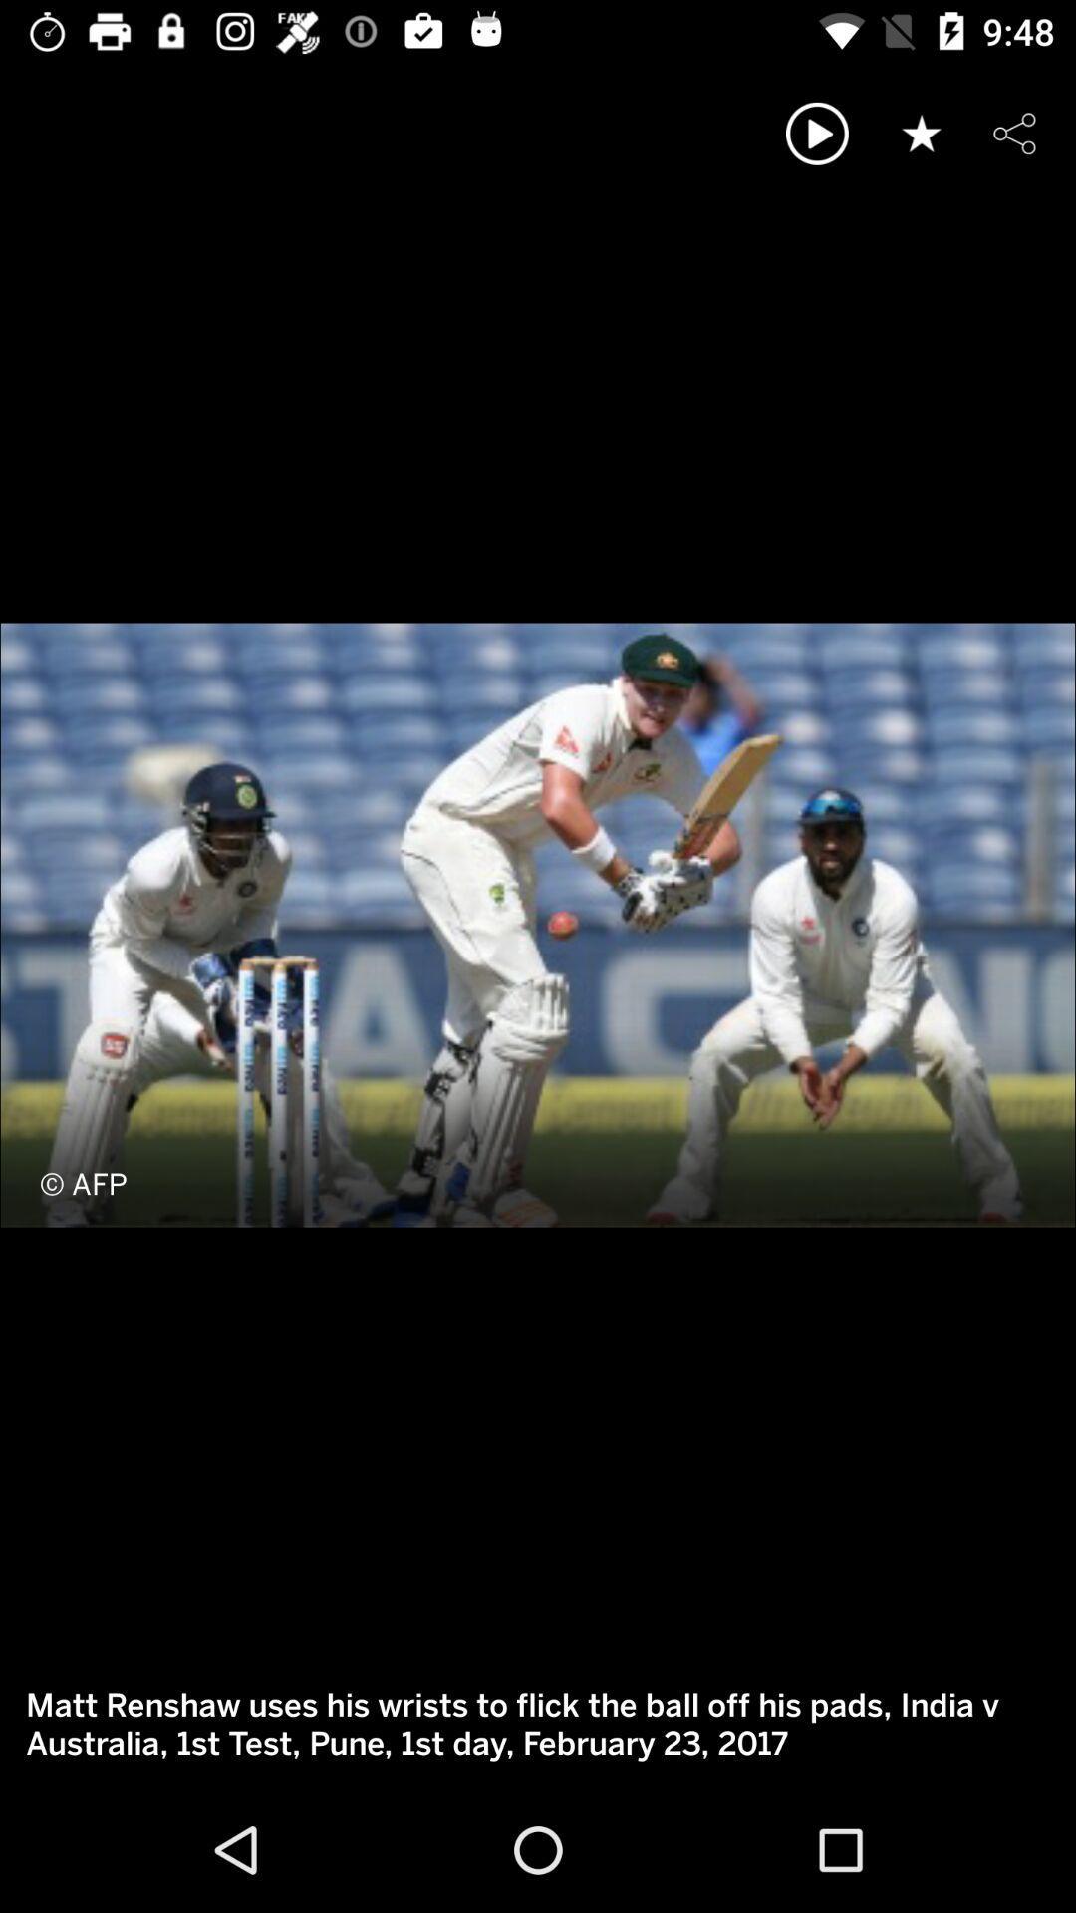 The height and width of the screenshot is (1913, 1076). I want to click on favorite, so click(922, 132).